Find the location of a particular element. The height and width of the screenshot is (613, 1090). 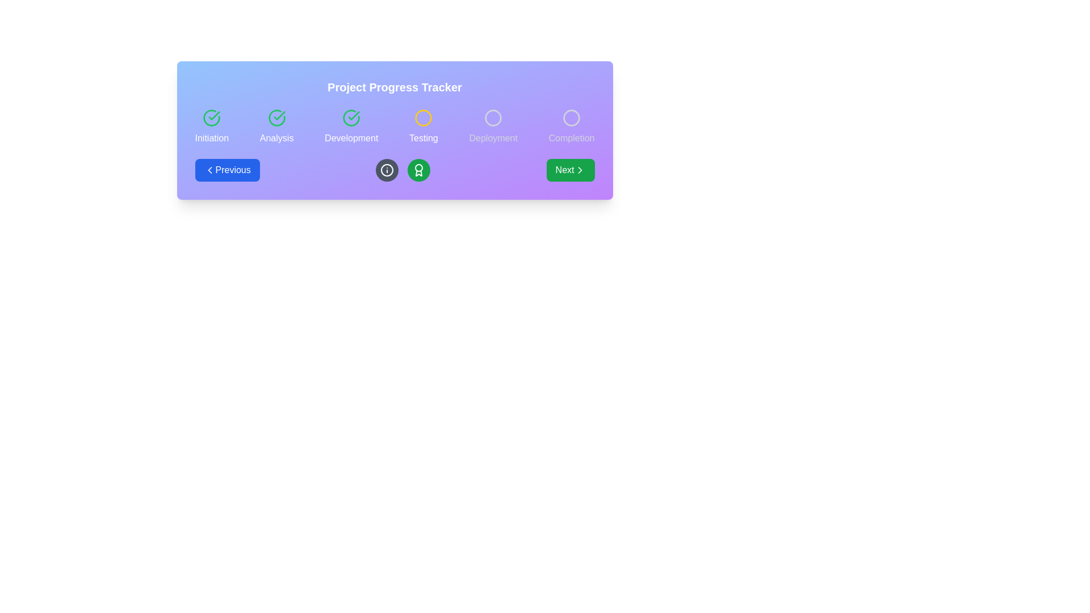

the first circular button located at the bottom center of the interface is located at coordinates (387, 170).